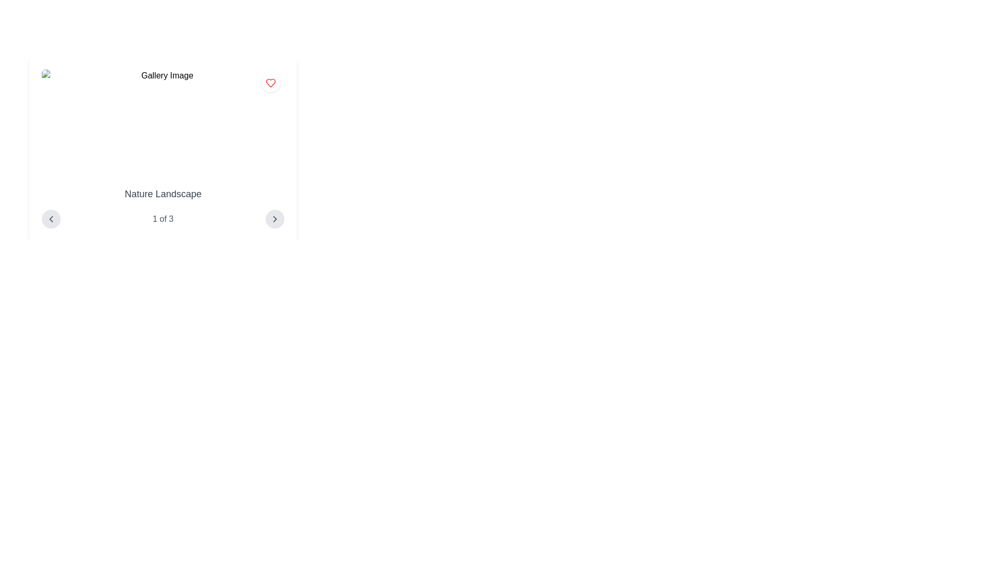  Describe the element at coordinates (275, 219) in the screenshot. I see `the chevron pointing right` at that location.